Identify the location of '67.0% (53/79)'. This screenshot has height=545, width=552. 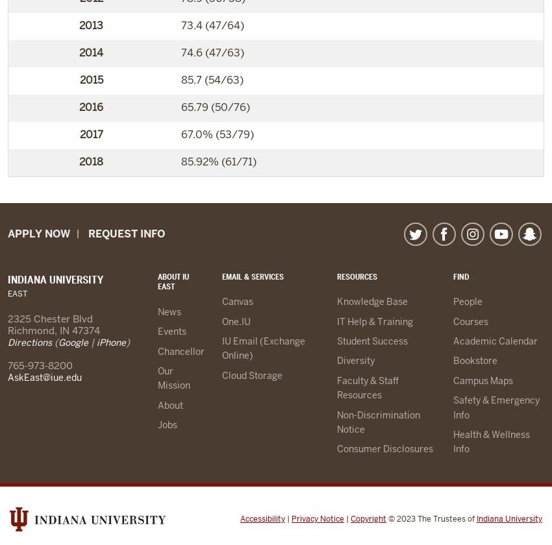
(216, 134).